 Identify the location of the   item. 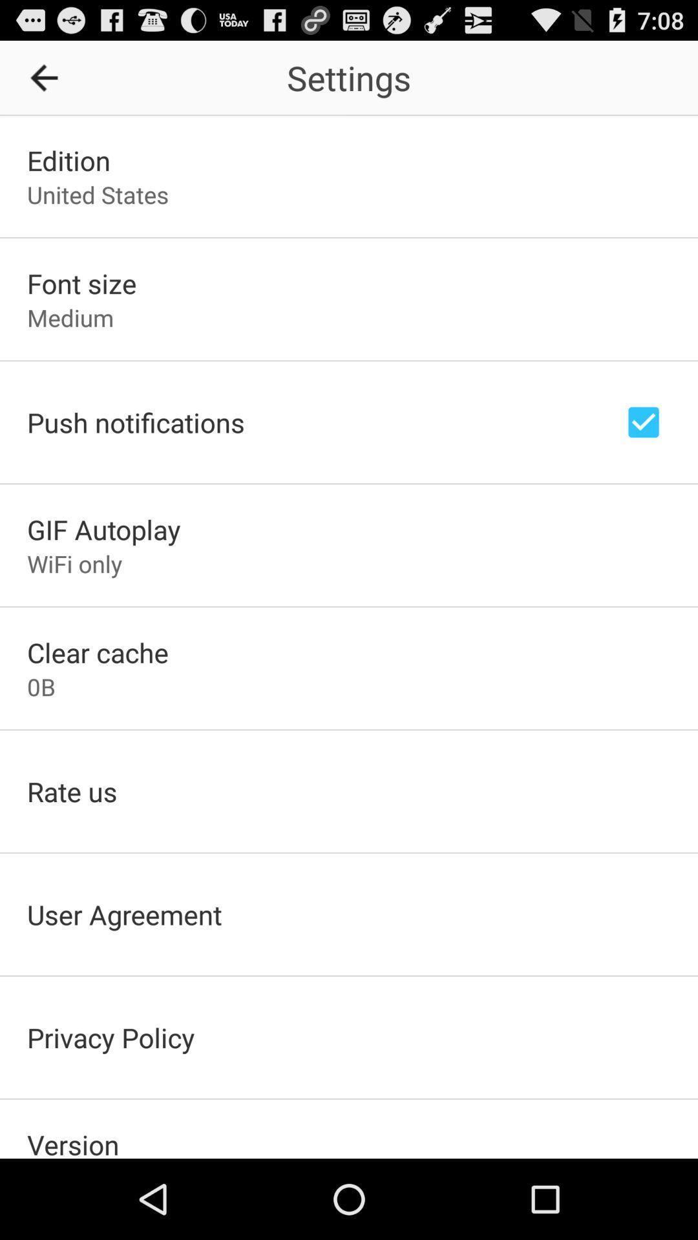
(48, 77).